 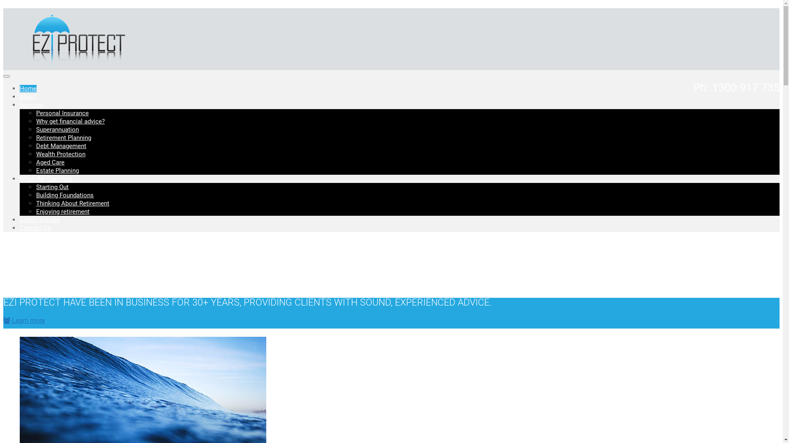 What do you see at coordinates (24, 320) in the screenshot?
I see `'Learn more'` at bounding box center [24, 320].